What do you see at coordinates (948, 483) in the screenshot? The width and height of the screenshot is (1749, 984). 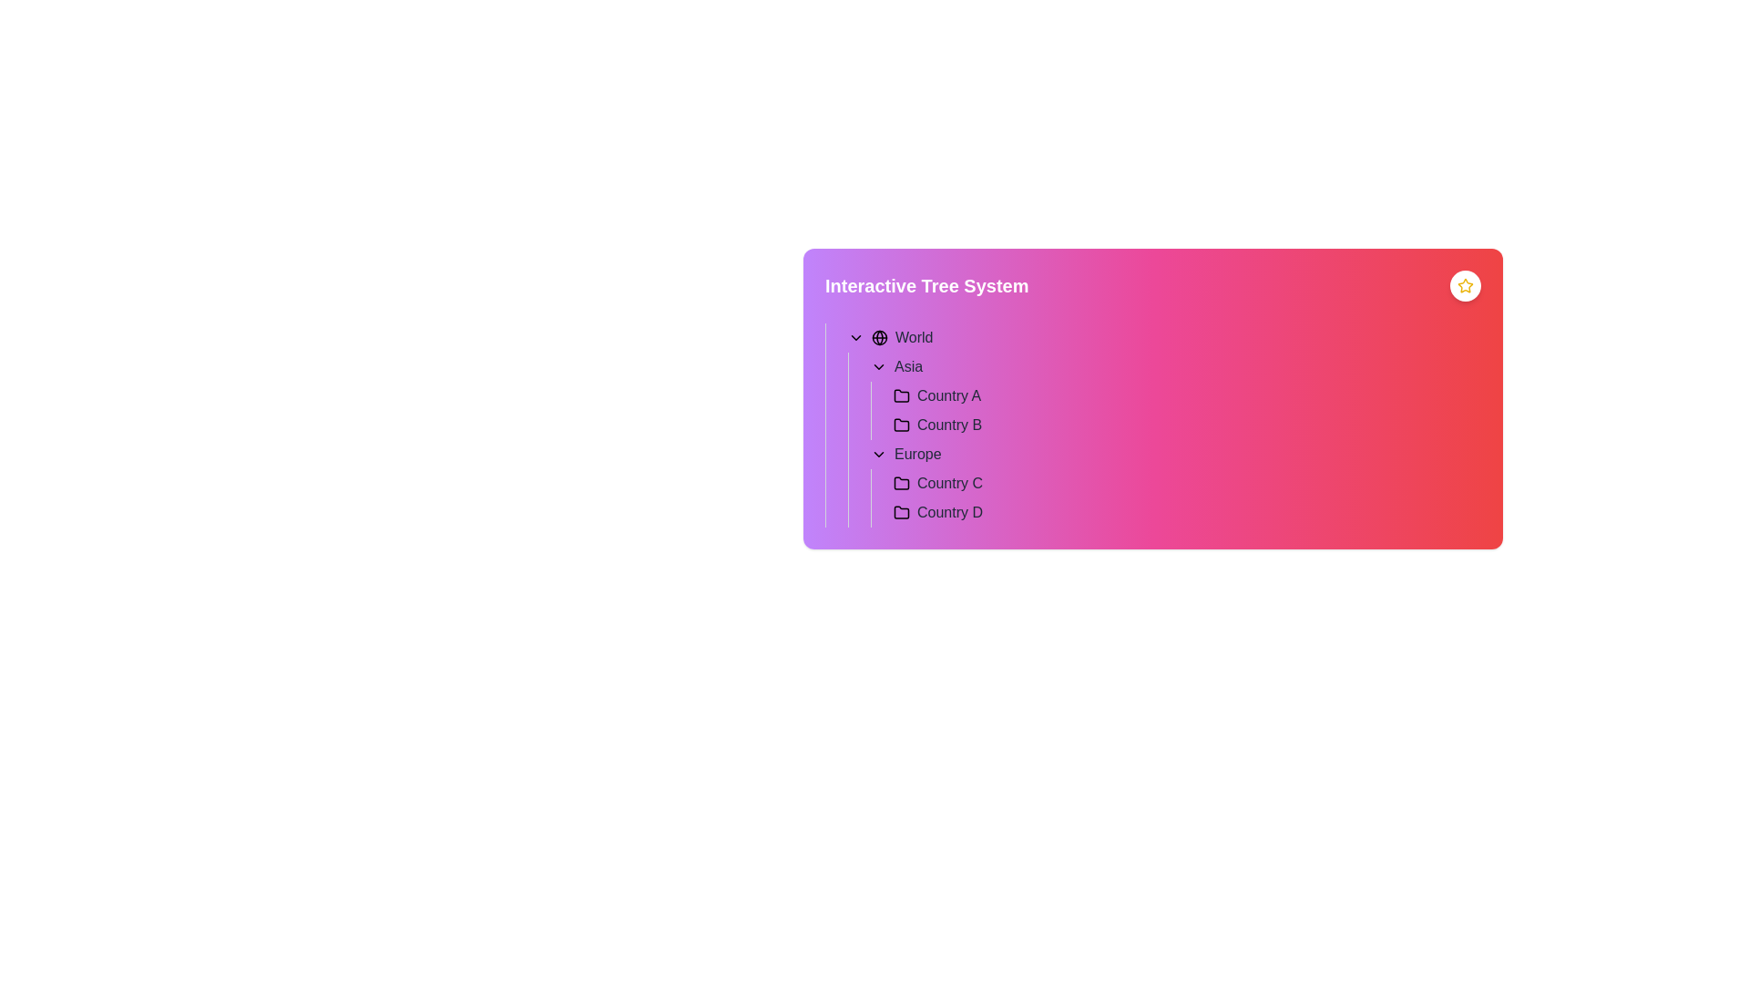 I see `the text label reading 'Country C', which is styled with a medium-weight font and dark gray color, positioned below 'Europe' and above 'Country D' in a hierarchical tree structure` at bounding box center [948, 483].